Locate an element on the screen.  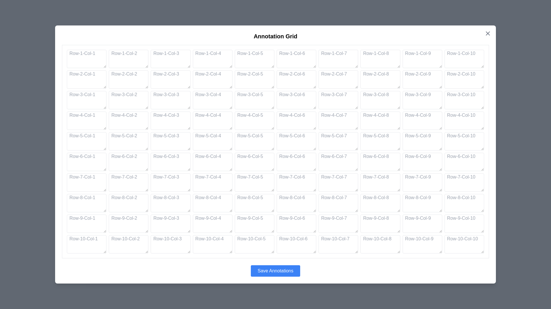
the close button located at the top-right corner of the modal is located at coordinates (487, 33).